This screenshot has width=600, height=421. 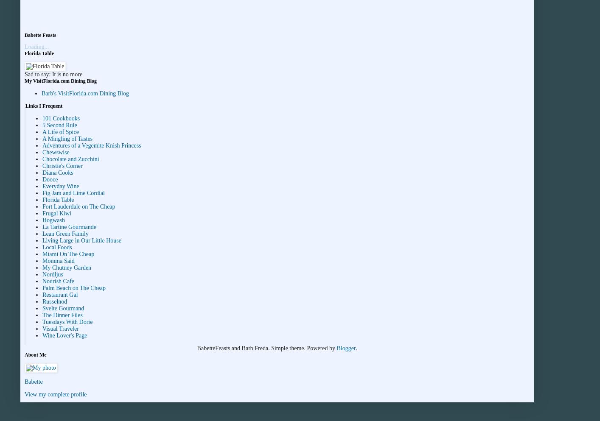 I want to click on 'Babette', so click(x=34, y=382).